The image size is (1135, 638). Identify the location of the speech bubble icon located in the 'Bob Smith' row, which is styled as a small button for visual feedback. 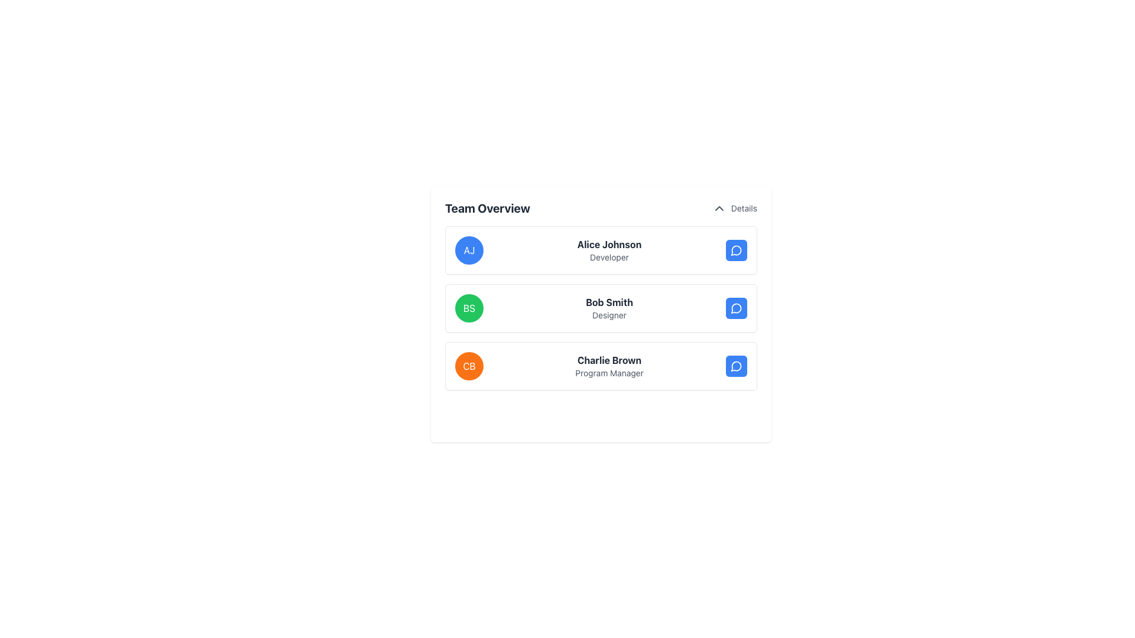
(735, 308).